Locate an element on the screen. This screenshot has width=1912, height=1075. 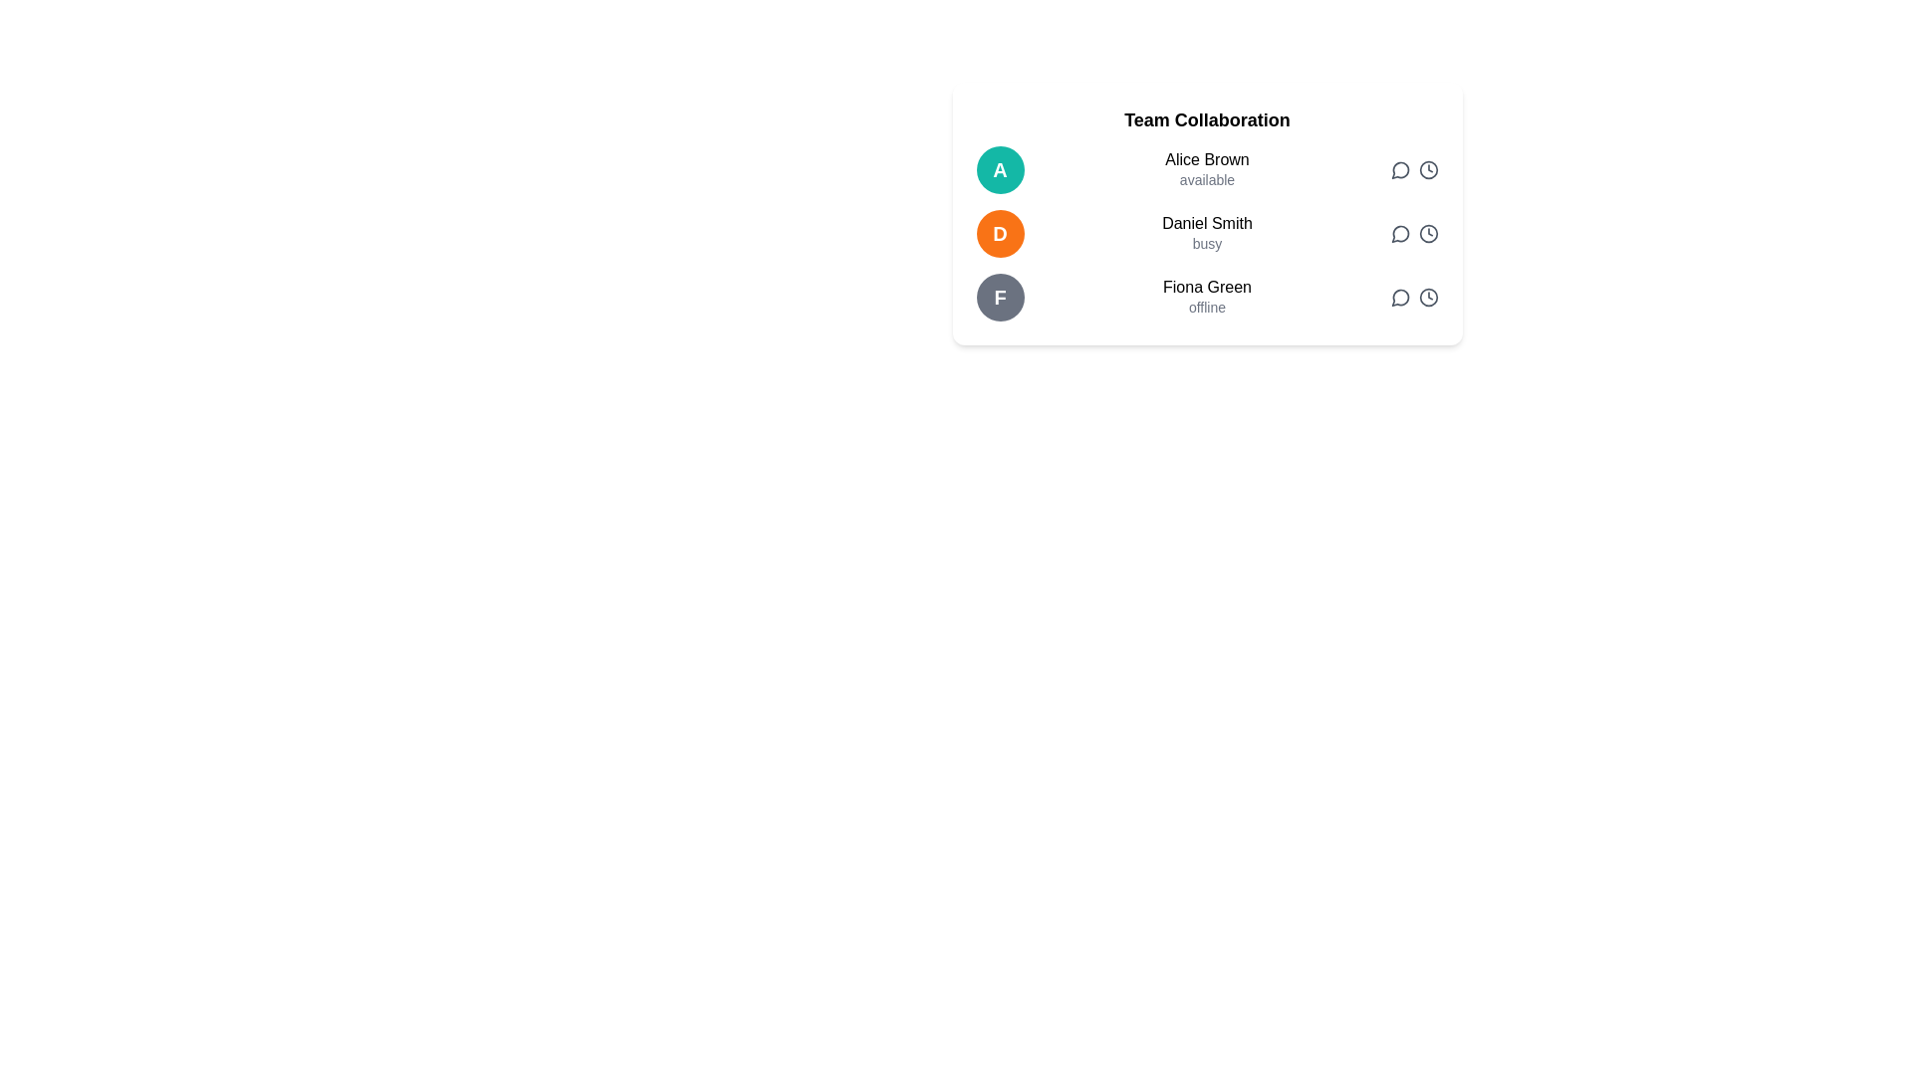
the clock icon button, which is the second interactive icon in the user entry list is located at coordinates (1427, 168).